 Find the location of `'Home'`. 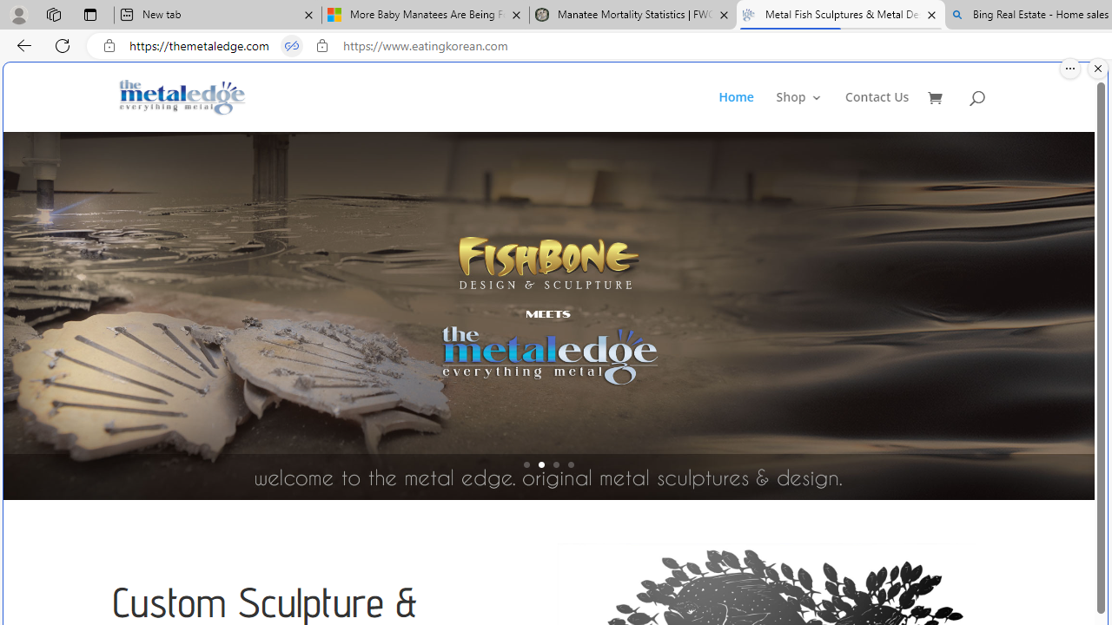

'Home' is located at coordinates (745, 111).